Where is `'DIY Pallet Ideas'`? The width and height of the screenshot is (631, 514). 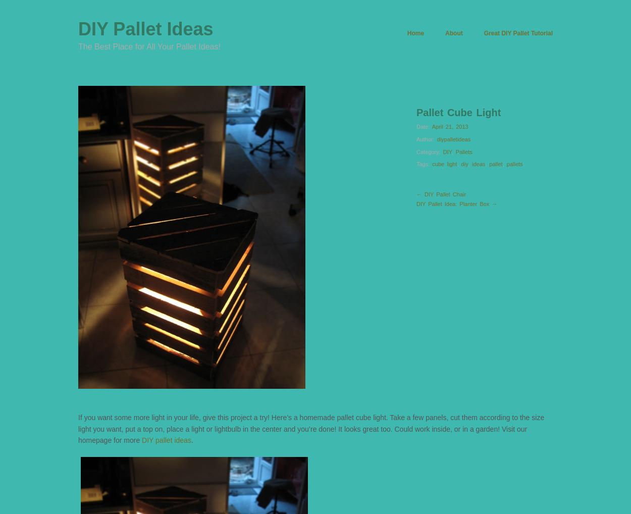
'DIY Pallet Ideas' is located at coordinates (145, 29).